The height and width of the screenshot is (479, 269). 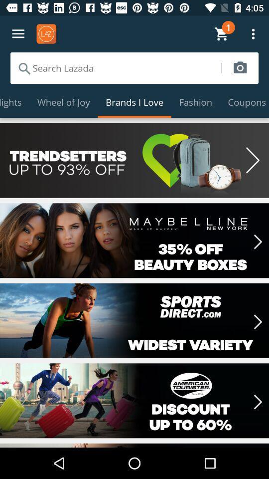 What do you see at coordinates (134, 401) in the screenshot?
I see `choose discount for american tourister` at bounding box center [134, 401].